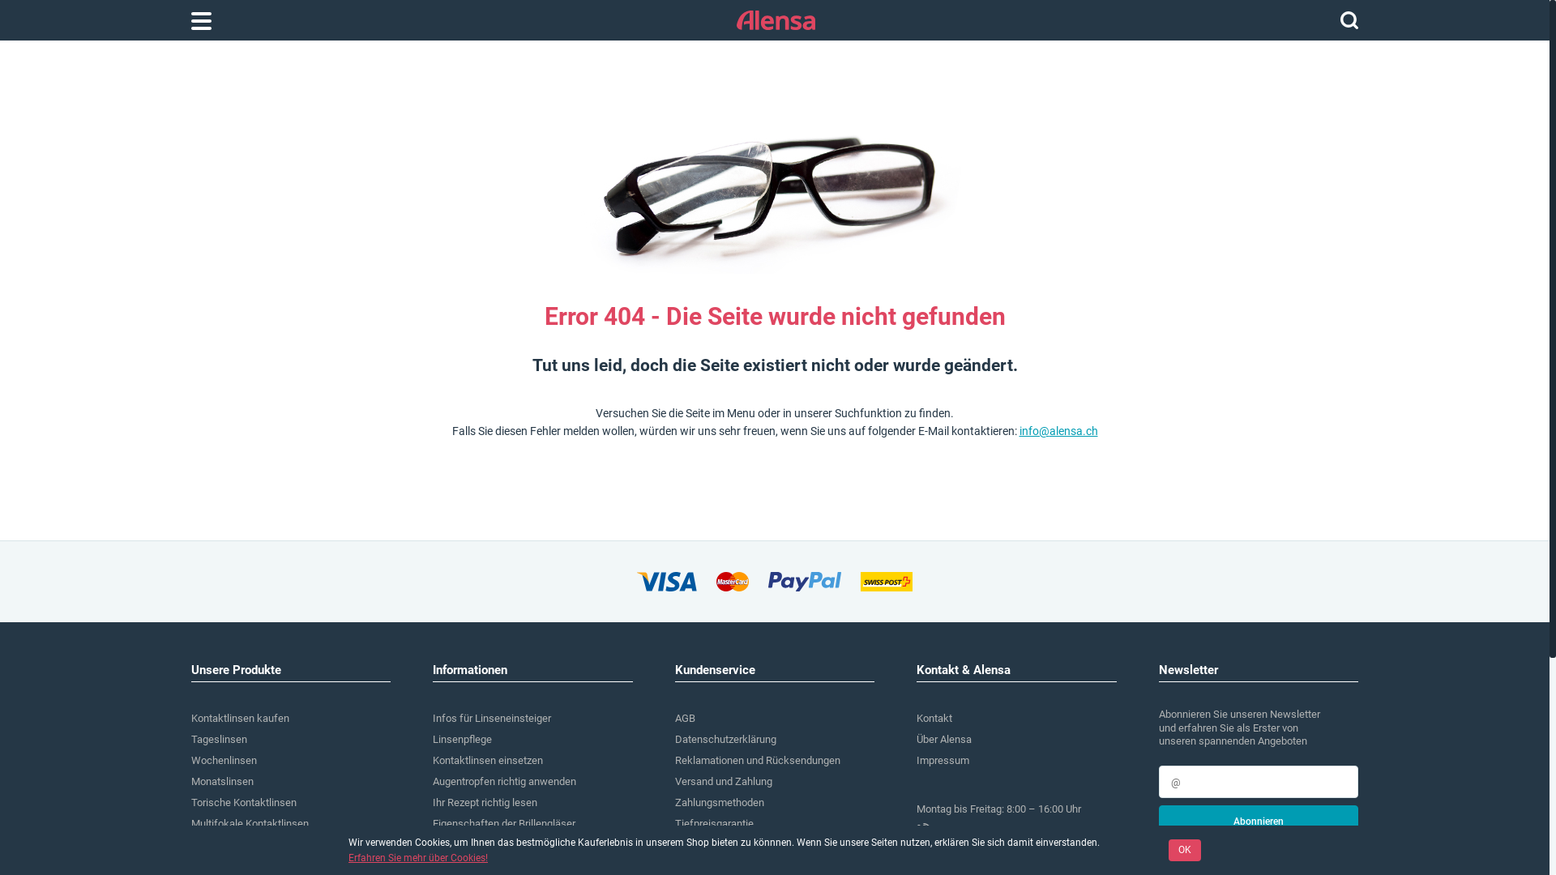 This screenshot has height=875, width=1556. I want to click on 'Augentropfen richtig anwenden', so click(432, 780).